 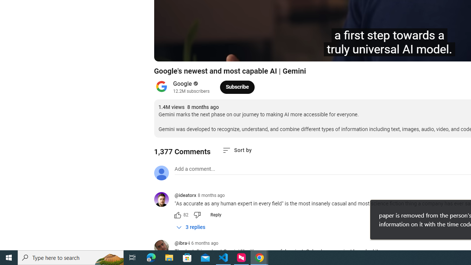 What do you see at coordinates (182, 244) in the screenshot?
I see `'@ibra-i'` at bounding box center [182, 244].